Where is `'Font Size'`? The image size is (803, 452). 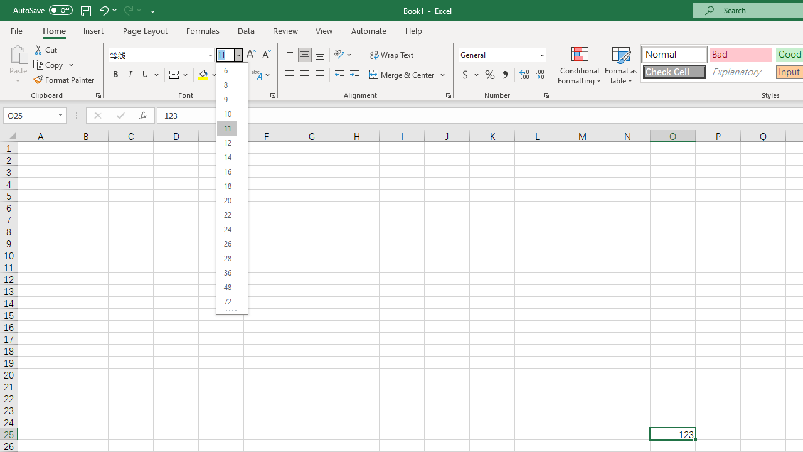
'Font Size' is located at coordinates (229, 54).